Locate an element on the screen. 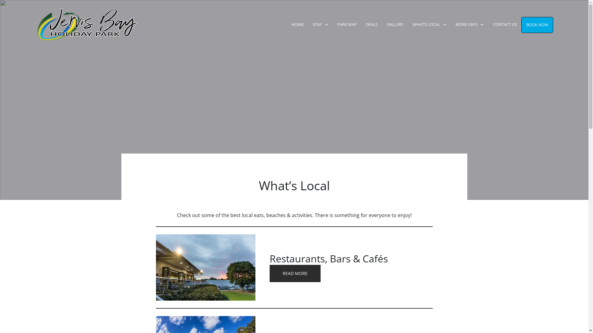 This screenshot has height=333, width=593. 'CONTACT US' is located at coordinates (505, 24).